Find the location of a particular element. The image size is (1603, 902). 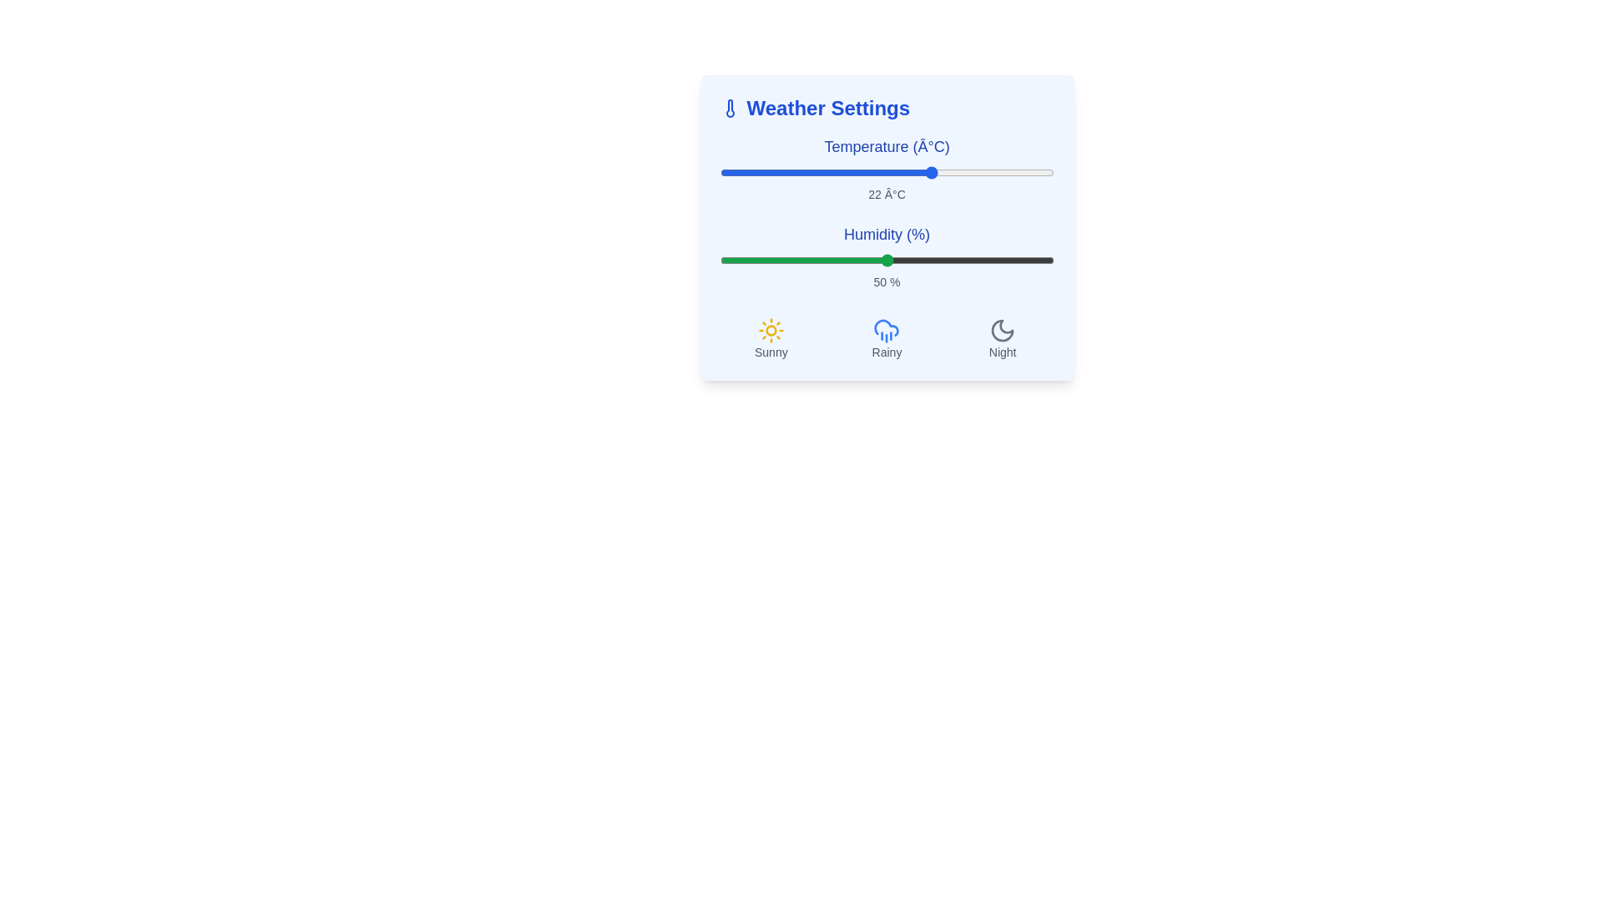

the temperature is located at coordinates (726, 173).